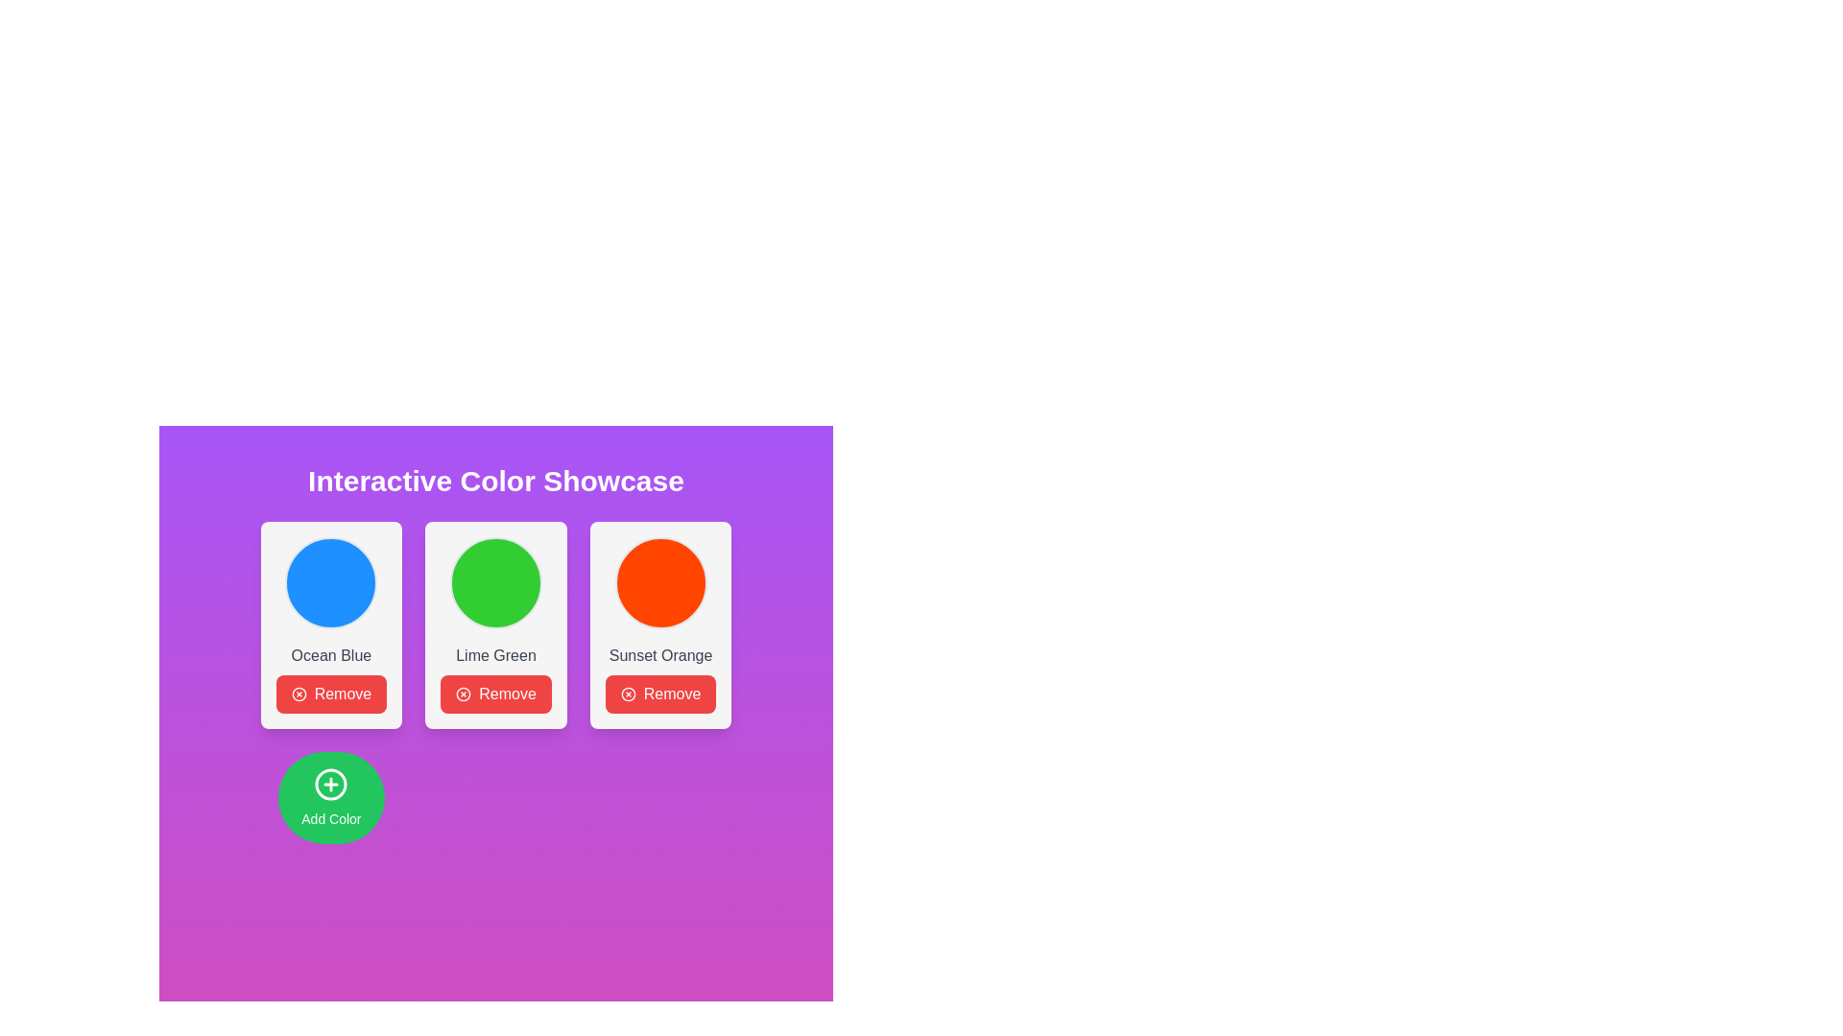 This screenshot has width=1843, height=1036. I want to click on the small circular red icon with a cross (X) symbol inside it, located within the 'Remove' button on the third card labeled 'Sunset Orange', so click(628, 695).